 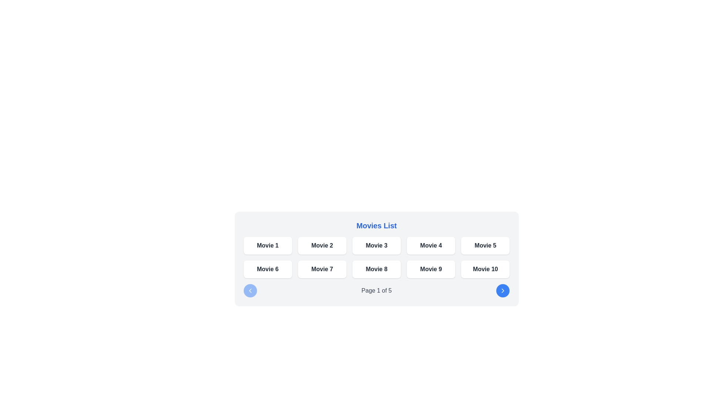 What do you see at coordinates (322, 245) in the screenshot?
I see `the 'Movie 2' button located in the Movies List section, which is a rounded rectangular button with a white background and bold dark gray text` at bounding box center [322, 245].